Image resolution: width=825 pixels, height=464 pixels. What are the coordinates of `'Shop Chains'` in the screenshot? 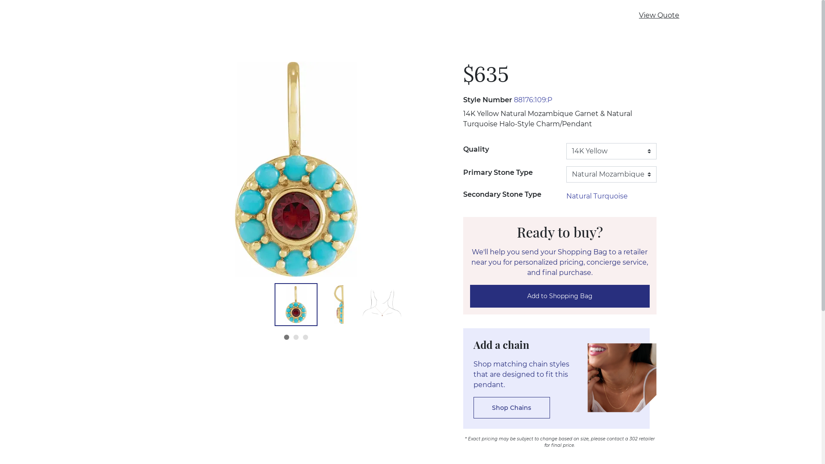 It's located at (511, 407).